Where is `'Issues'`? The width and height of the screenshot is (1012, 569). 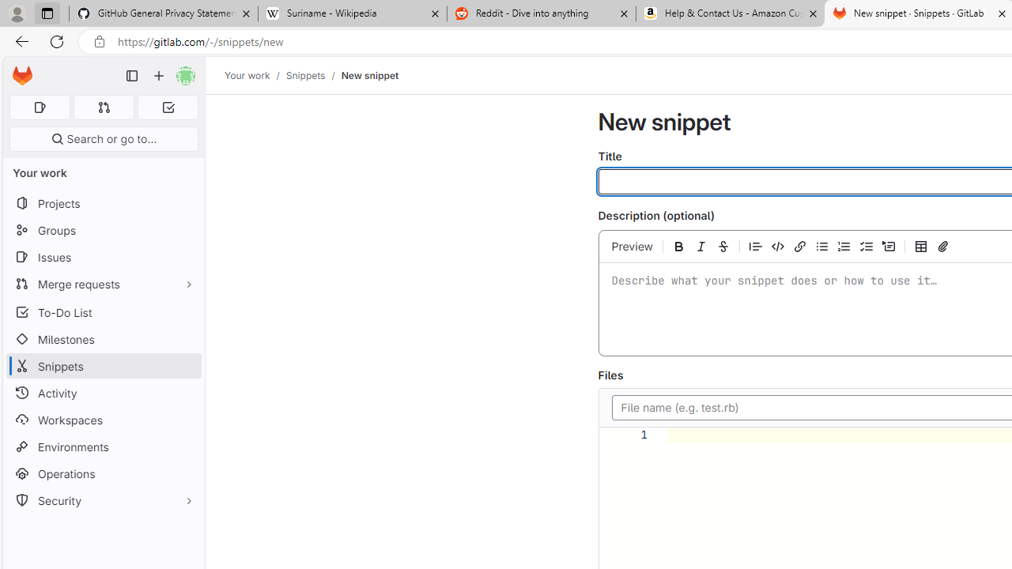 'Issues' is located at coordinates (103, 256).